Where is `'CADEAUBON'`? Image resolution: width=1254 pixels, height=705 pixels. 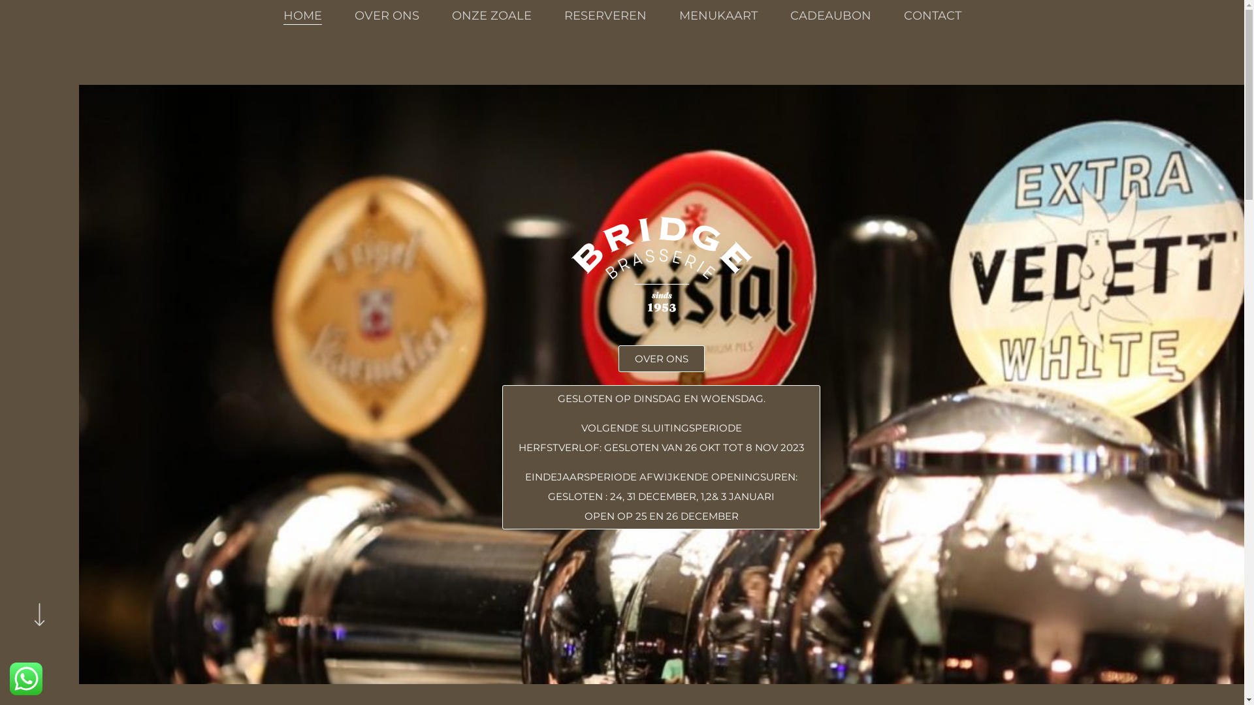
'CADEAUBON' is located at coordinates (789, 15).